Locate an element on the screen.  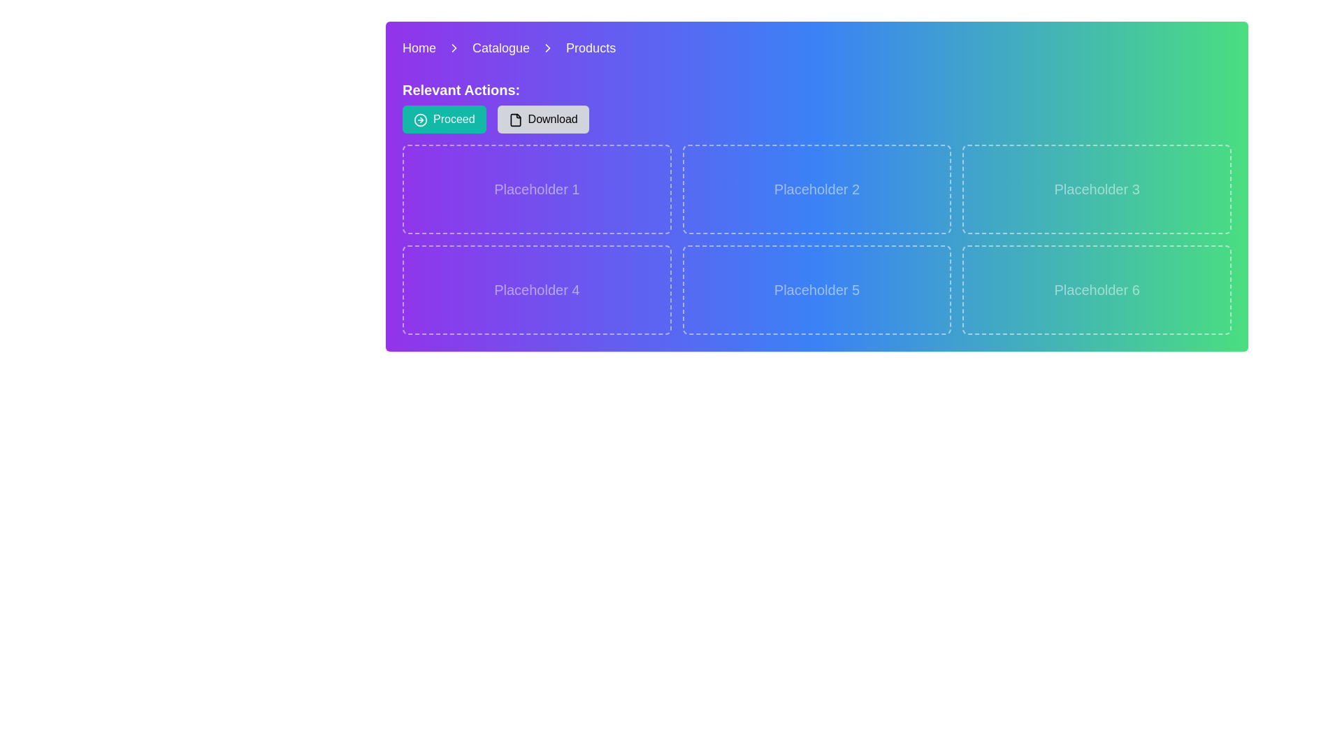
the breadcrumb navigation icon located between 'Catalogue' and 'Products' to indicate progression in the navigation is located at coordinates (547, 48).